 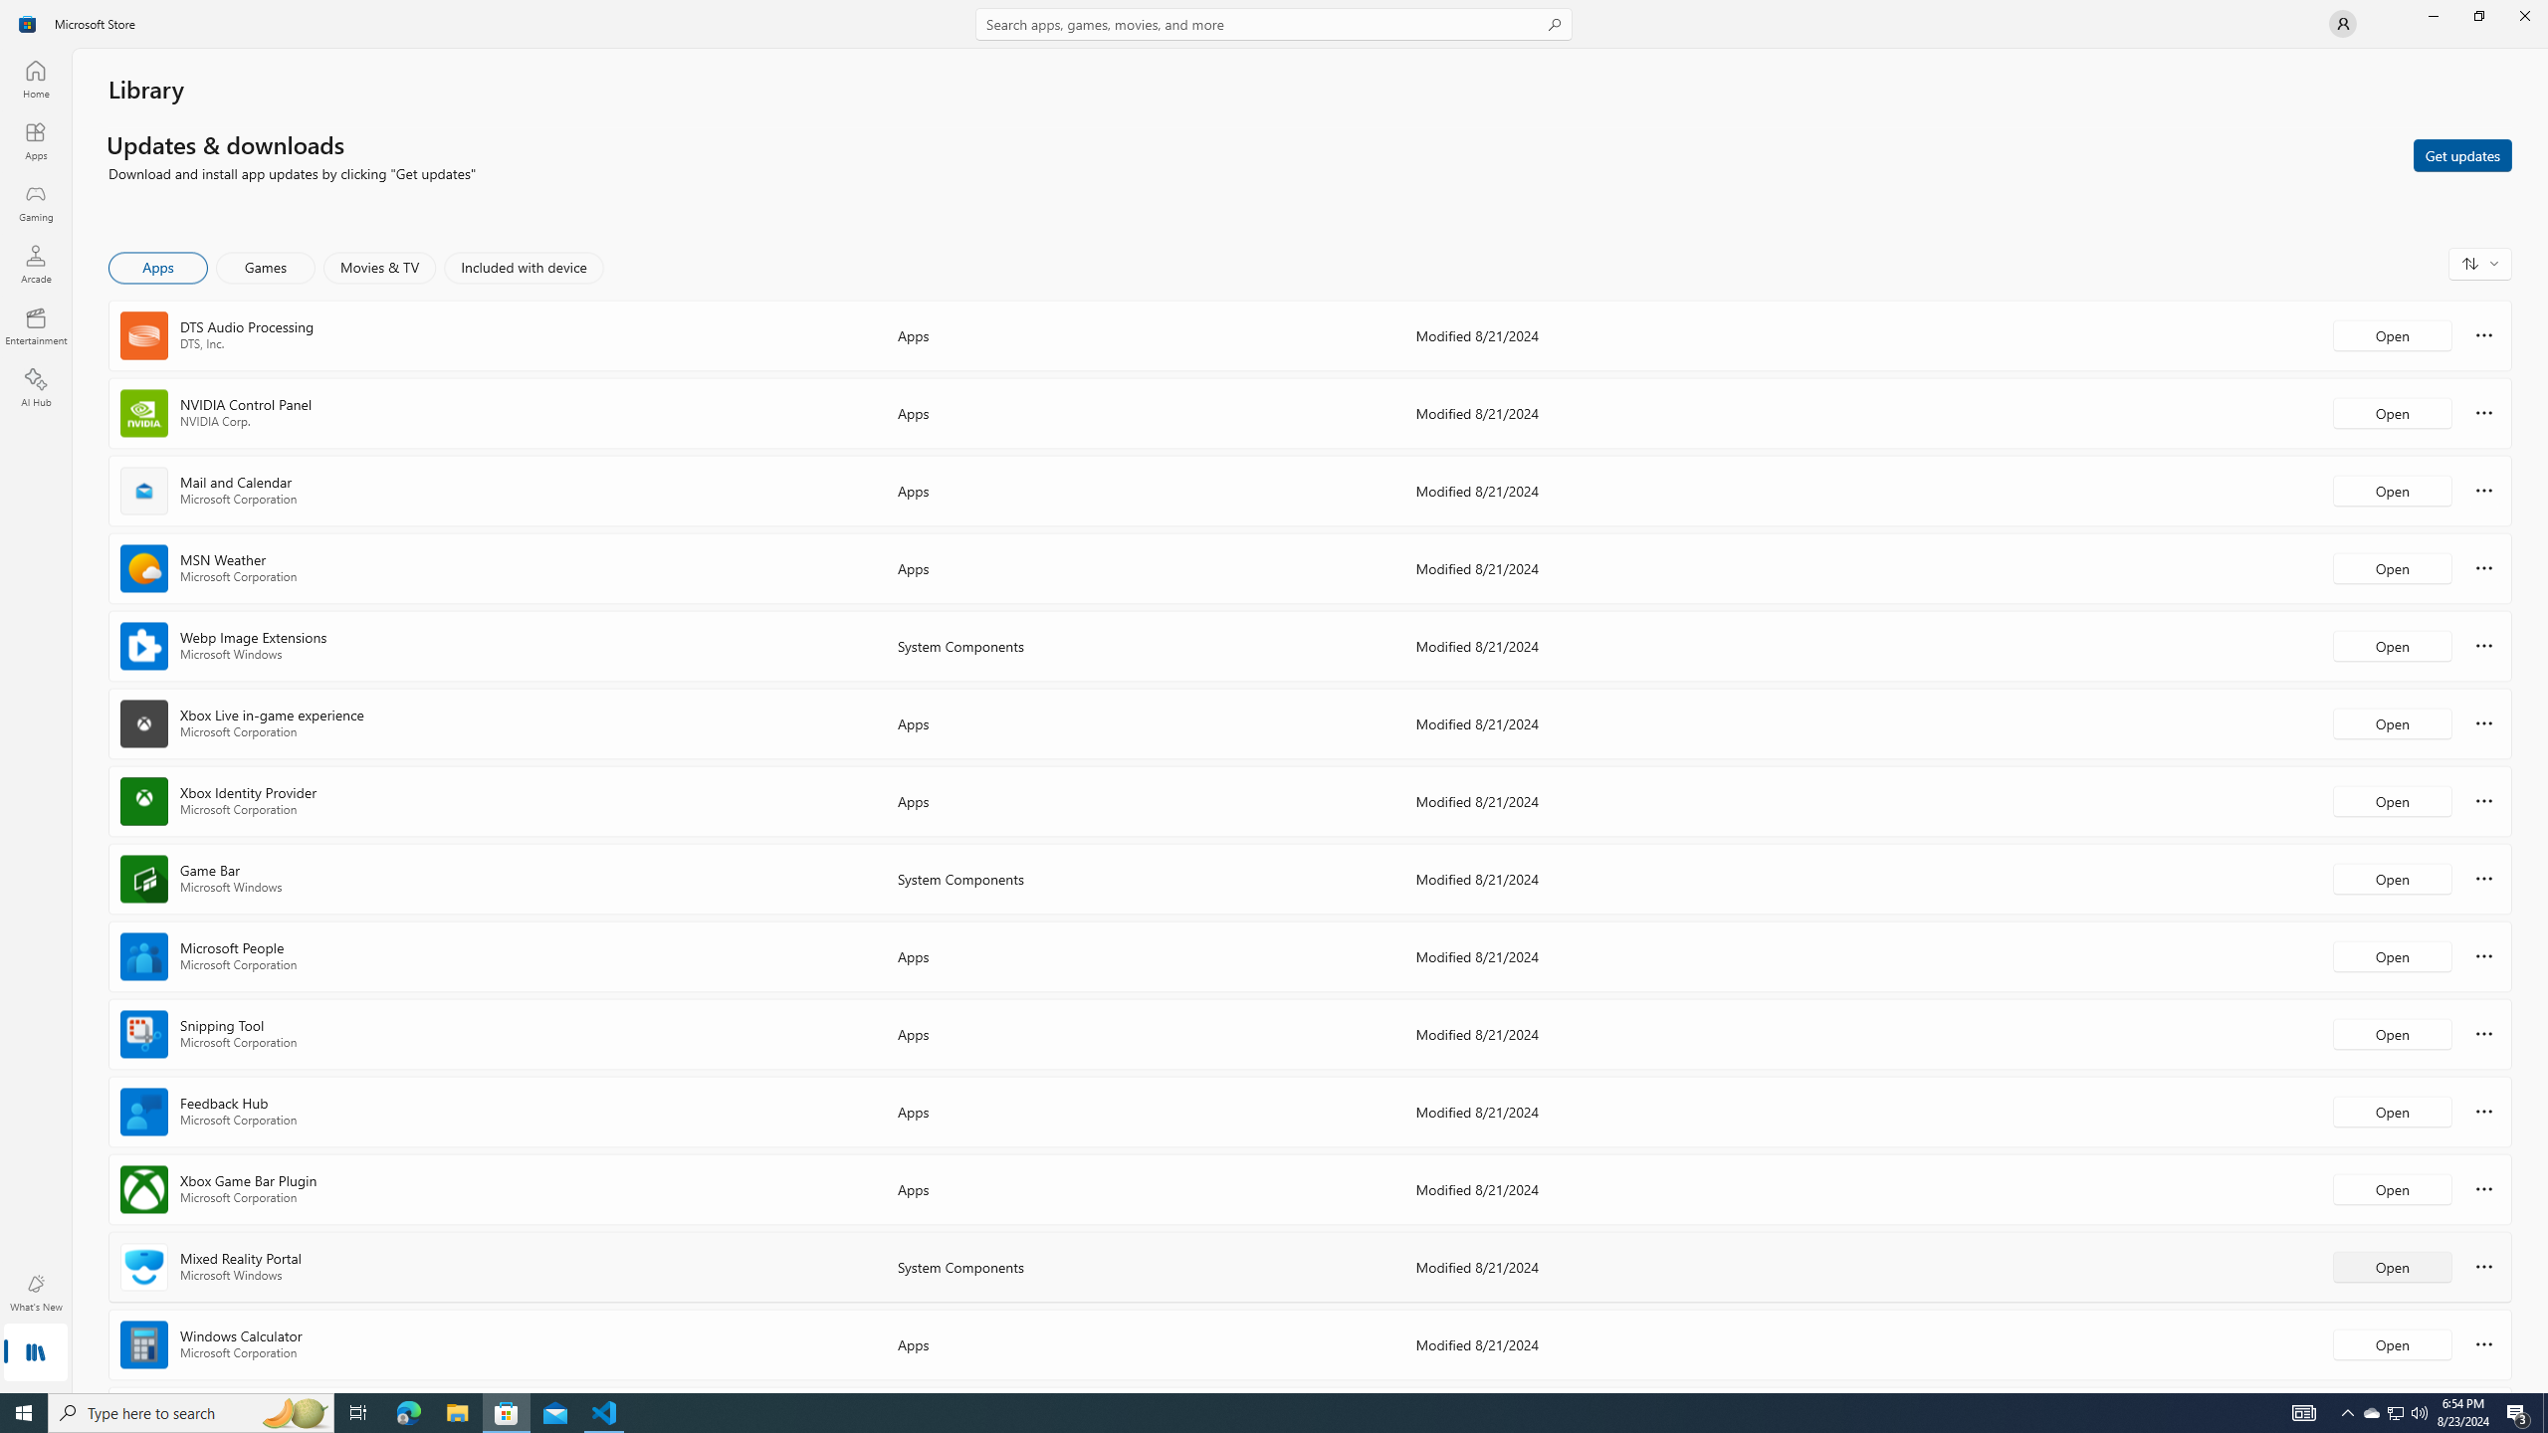 What do you see at coordinates (34, 324) in the screenshot?
I see `'Entertainment'` at bounding box center [34, 324].